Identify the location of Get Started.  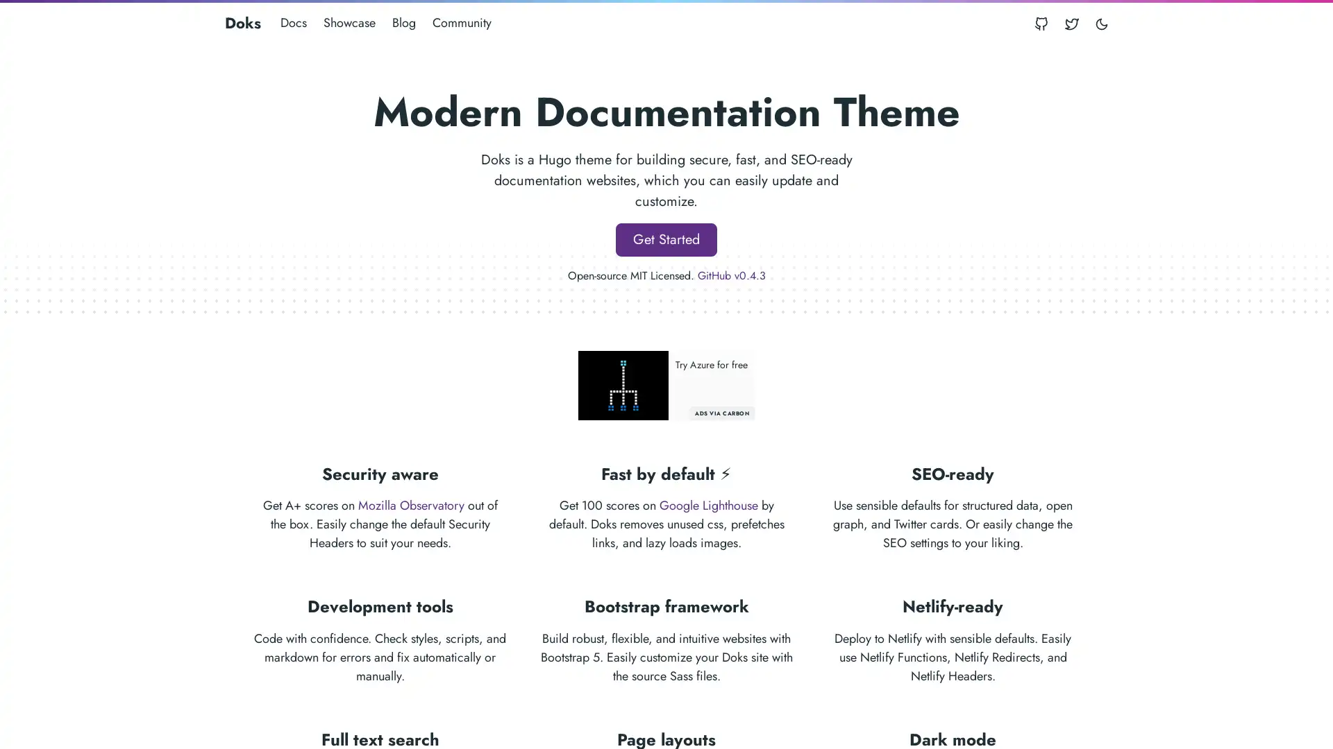
(666, 238).